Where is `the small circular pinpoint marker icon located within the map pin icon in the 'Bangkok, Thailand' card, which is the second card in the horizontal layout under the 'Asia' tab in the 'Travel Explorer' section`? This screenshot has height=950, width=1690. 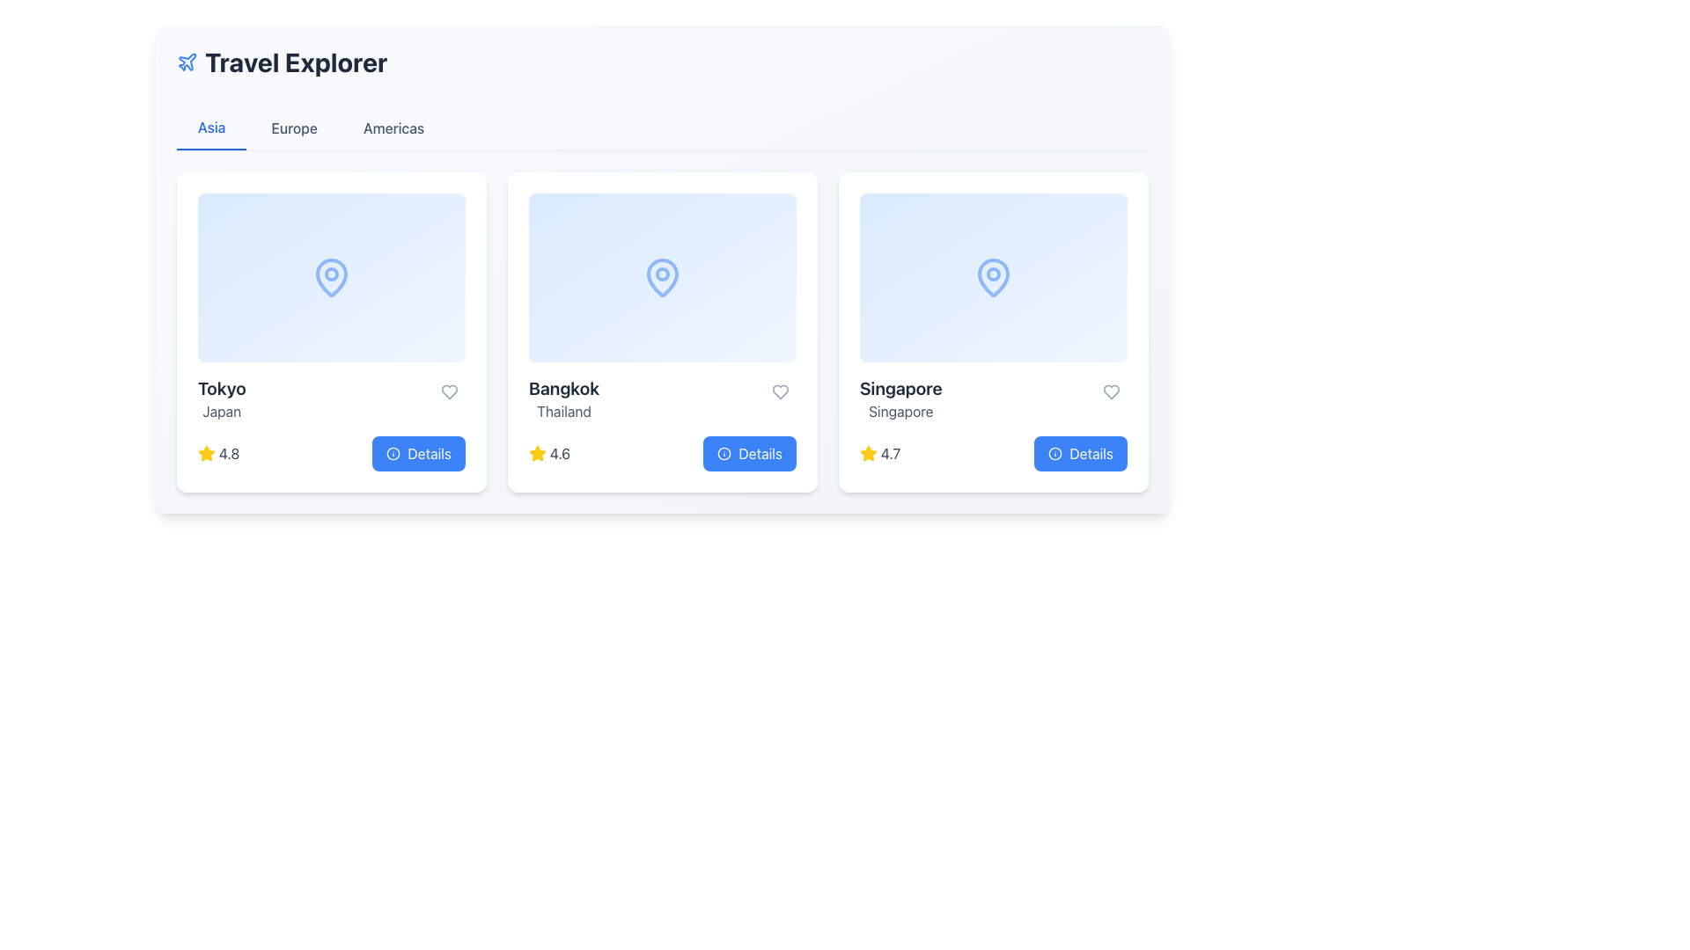
the small circular pinpoint marker icon located within the map pin icon in the 'Bangkok, Thailand' card, which is the second card in the horizontal layout under the 'Asia' tab in the 'Travel Explorer' section is located at coordinates (662, 274).